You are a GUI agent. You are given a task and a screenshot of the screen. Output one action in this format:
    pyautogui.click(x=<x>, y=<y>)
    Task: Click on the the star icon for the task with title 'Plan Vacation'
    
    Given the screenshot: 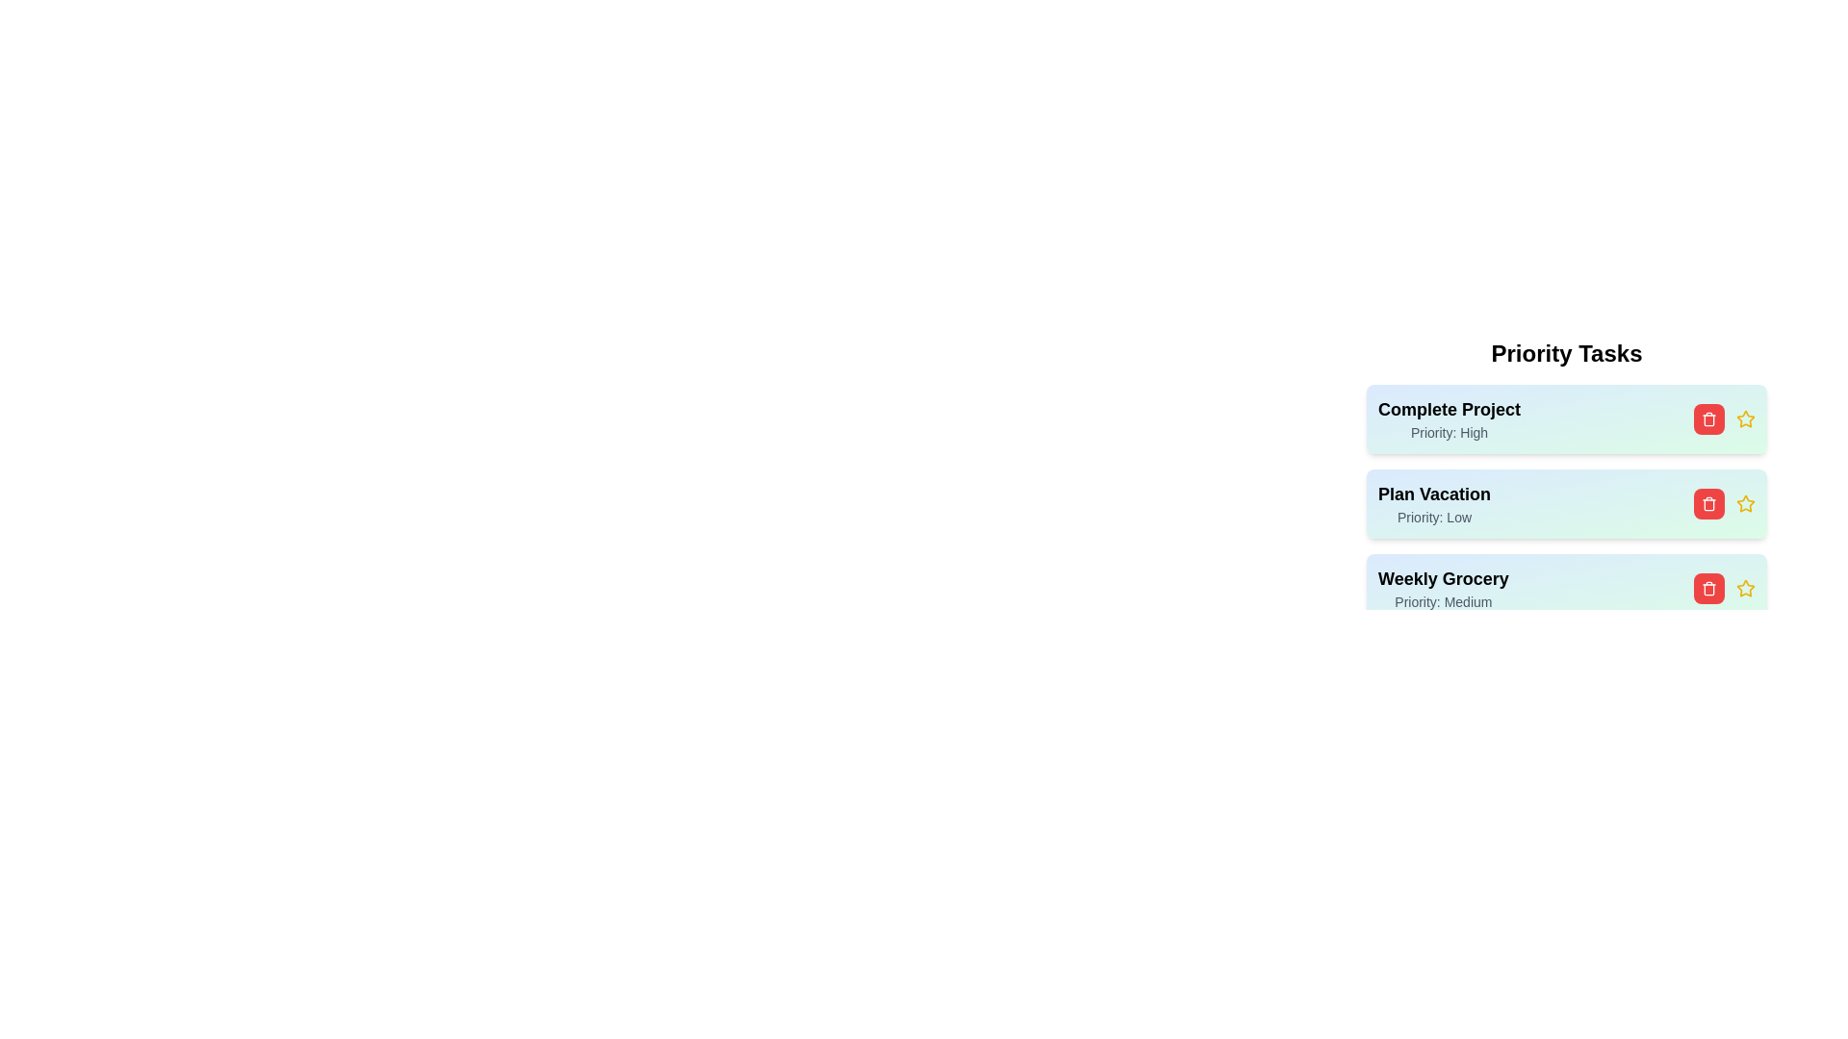 What is the action you would take?
    pyautogui.click(x=1746, y=503)
    